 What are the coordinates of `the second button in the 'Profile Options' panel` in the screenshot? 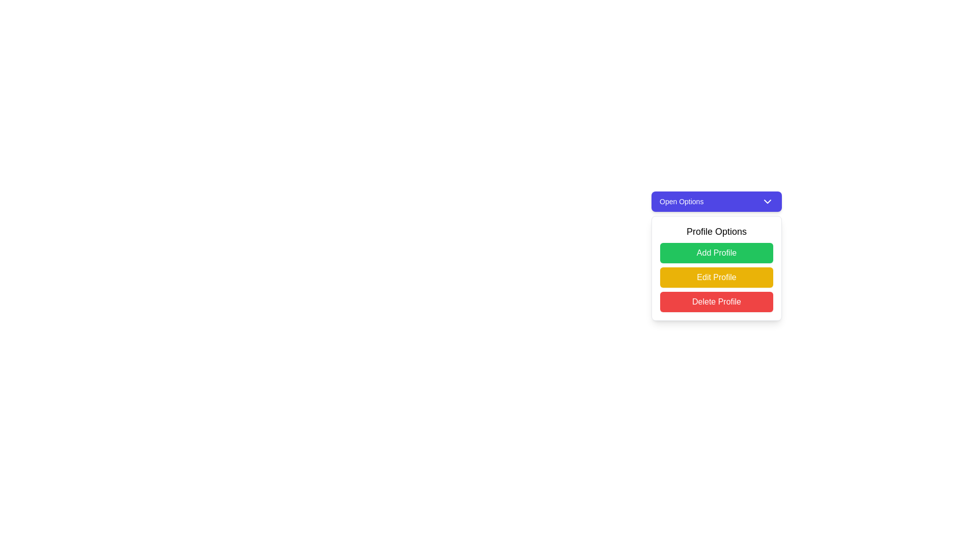 It's located at (716, 277).